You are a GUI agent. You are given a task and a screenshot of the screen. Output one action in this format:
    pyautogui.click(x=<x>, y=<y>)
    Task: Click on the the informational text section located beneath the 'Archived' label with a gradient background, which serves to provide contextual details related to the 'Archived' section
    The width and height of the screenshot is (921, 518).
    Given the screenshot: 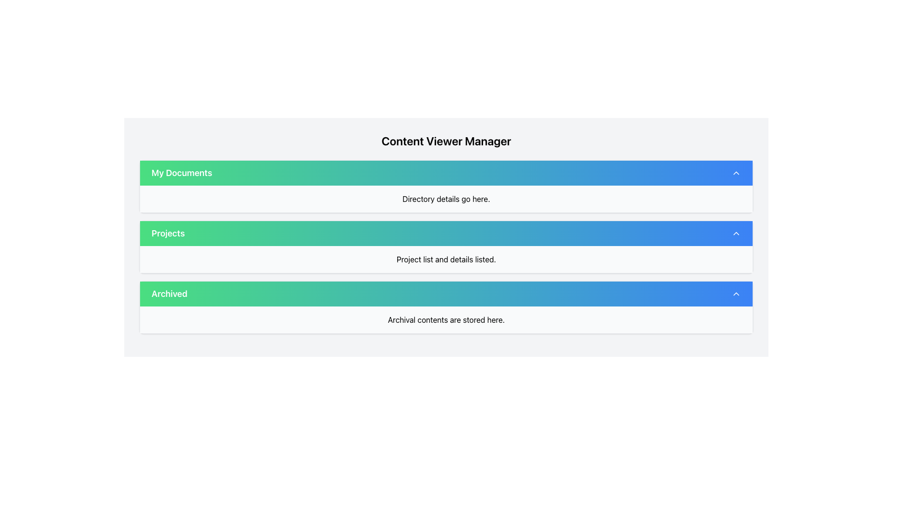 What is the action you would take?
    pyautogui.click(x=446, y=320)
    